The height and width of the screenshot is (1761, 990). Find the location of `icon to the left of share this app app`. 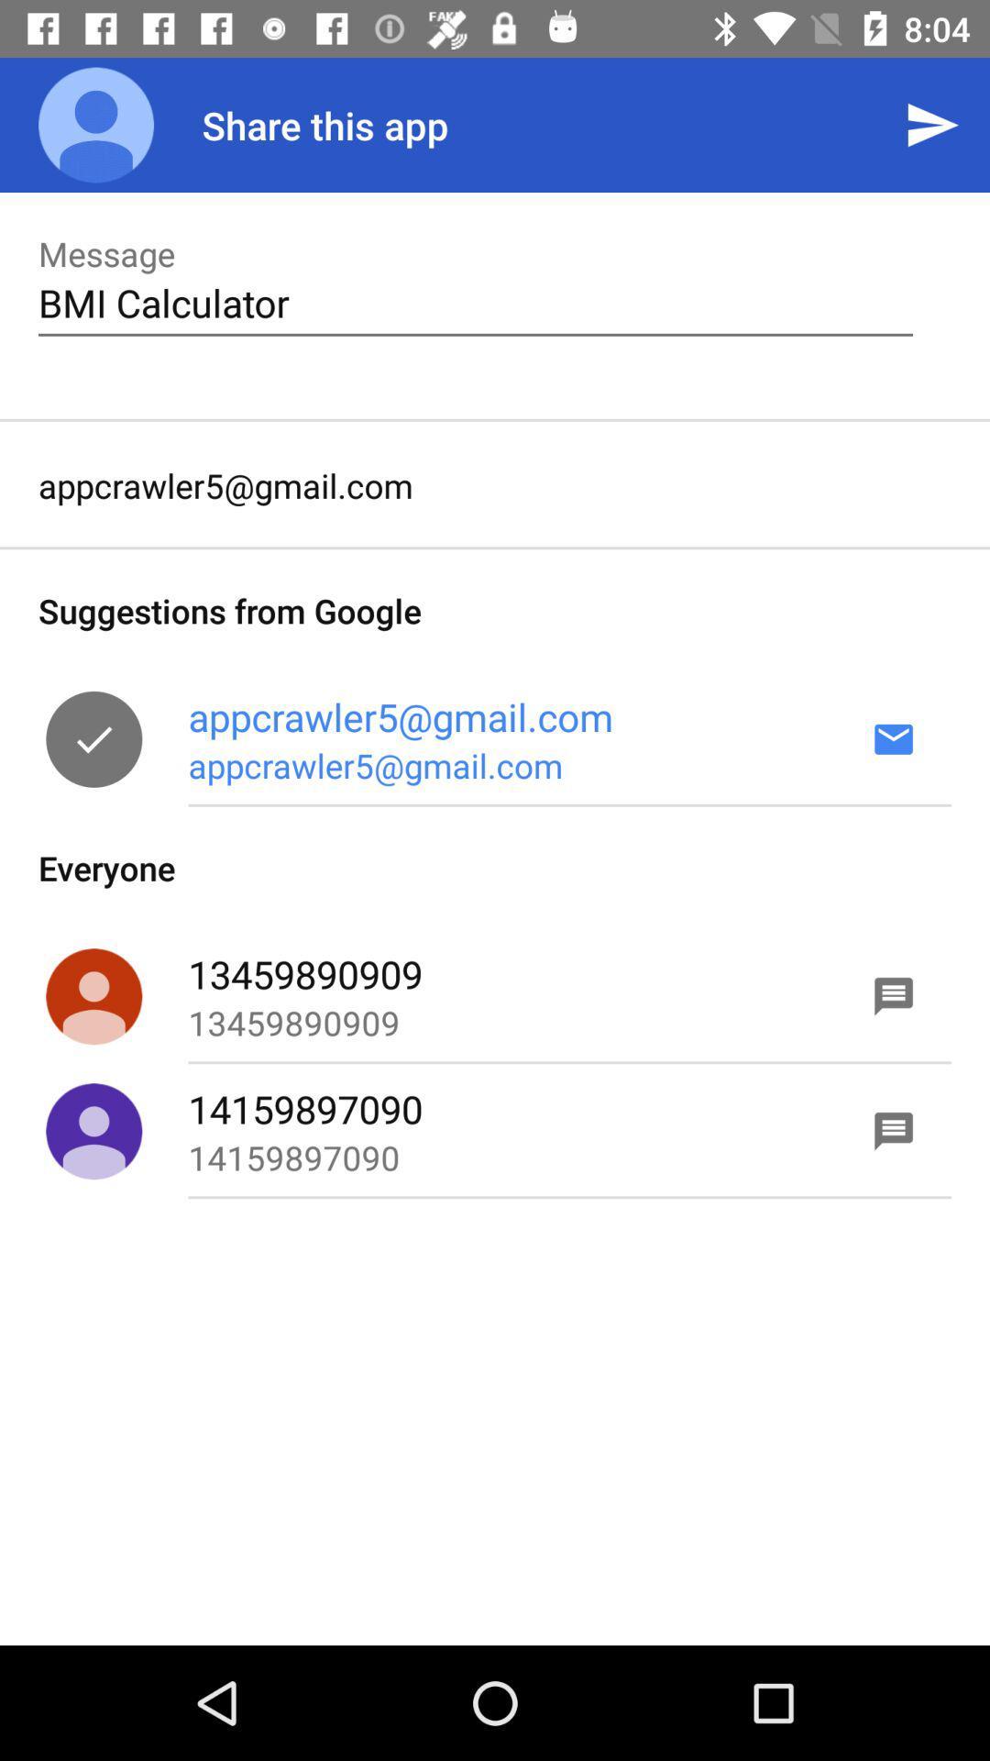

icon to the left of share this app app is located at coordinates (95, 124).